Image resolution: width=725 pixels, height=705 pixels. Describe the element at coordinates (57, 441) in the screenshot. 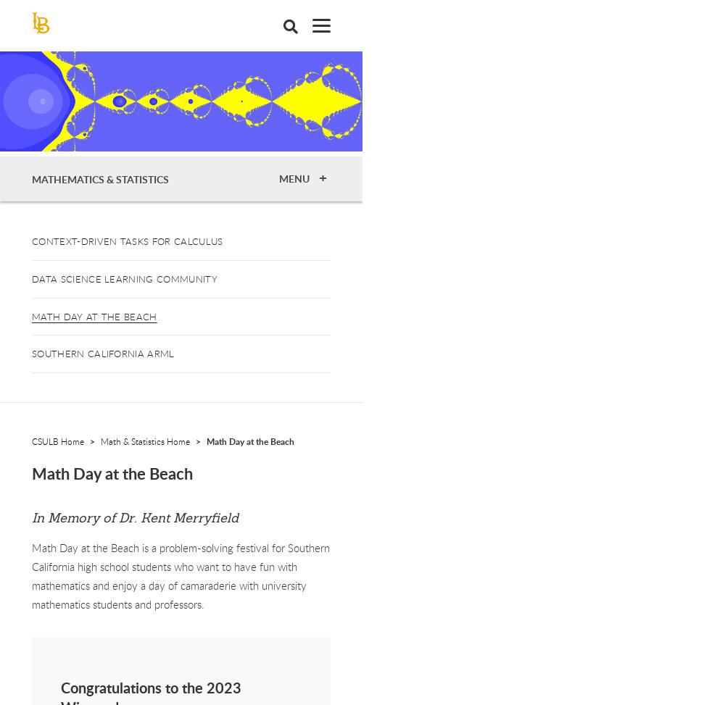

I see `'CSULB Home'` at that location.